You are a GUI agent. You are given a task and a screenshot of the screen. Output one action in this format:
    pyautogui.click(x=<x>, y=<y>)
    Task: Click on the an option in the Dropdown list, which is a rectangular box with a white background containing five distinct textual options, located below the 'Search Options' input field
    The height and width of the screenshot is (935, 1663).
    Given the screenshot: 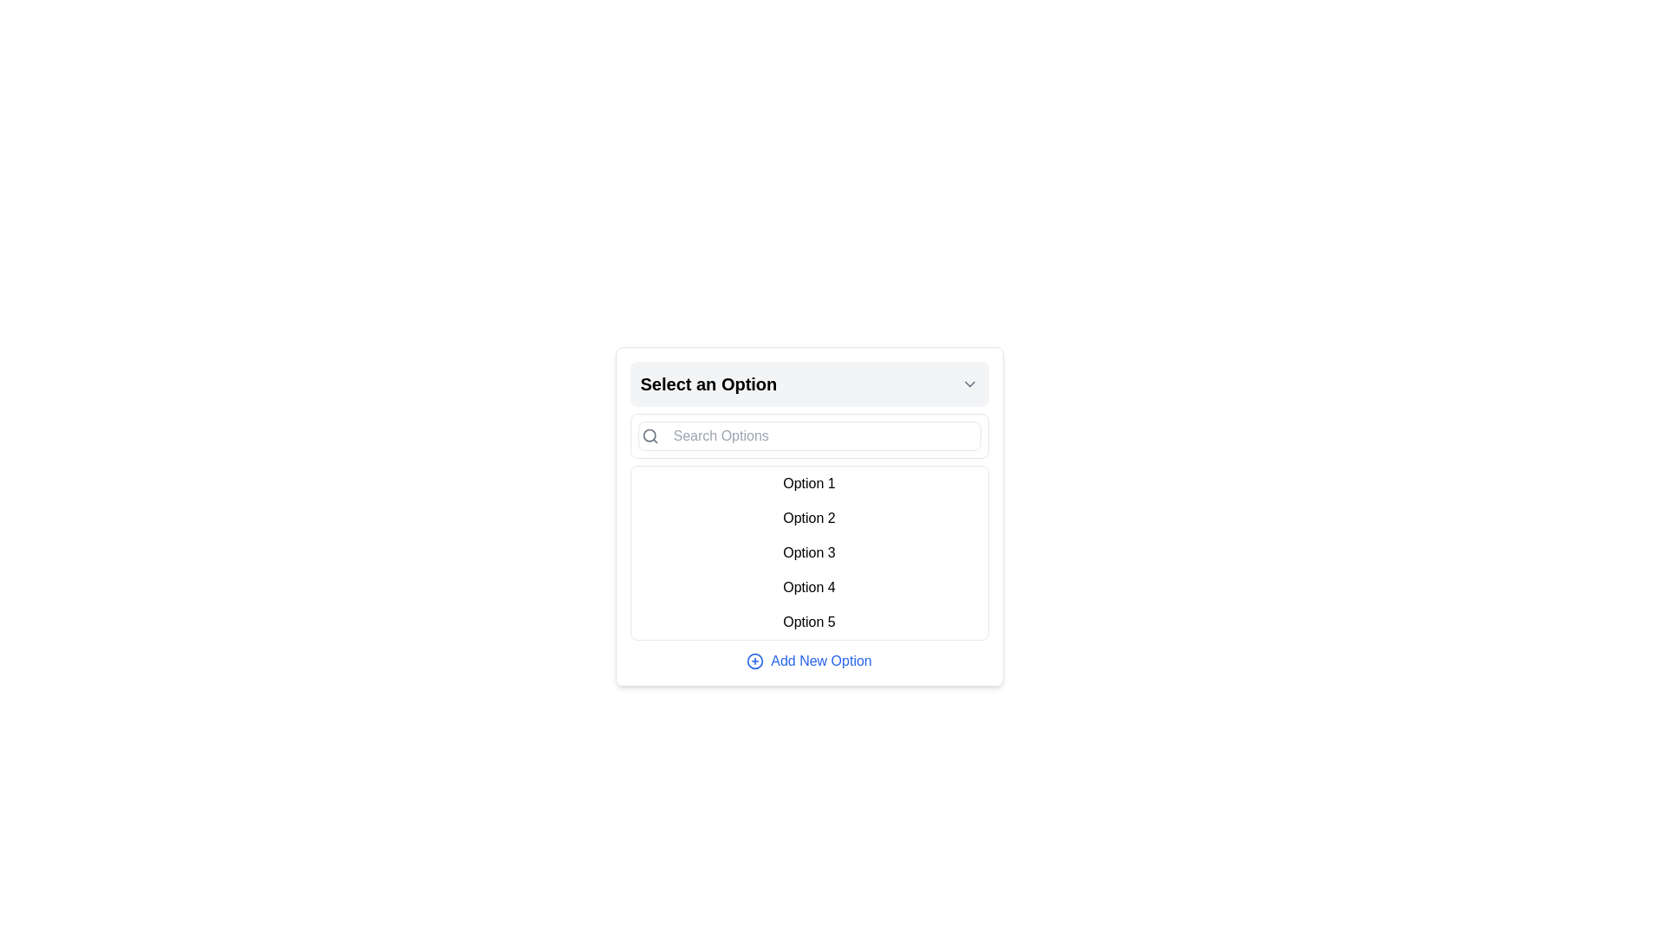 What is the action you would take?
    pyautogui.click(x=808, y=553)
    